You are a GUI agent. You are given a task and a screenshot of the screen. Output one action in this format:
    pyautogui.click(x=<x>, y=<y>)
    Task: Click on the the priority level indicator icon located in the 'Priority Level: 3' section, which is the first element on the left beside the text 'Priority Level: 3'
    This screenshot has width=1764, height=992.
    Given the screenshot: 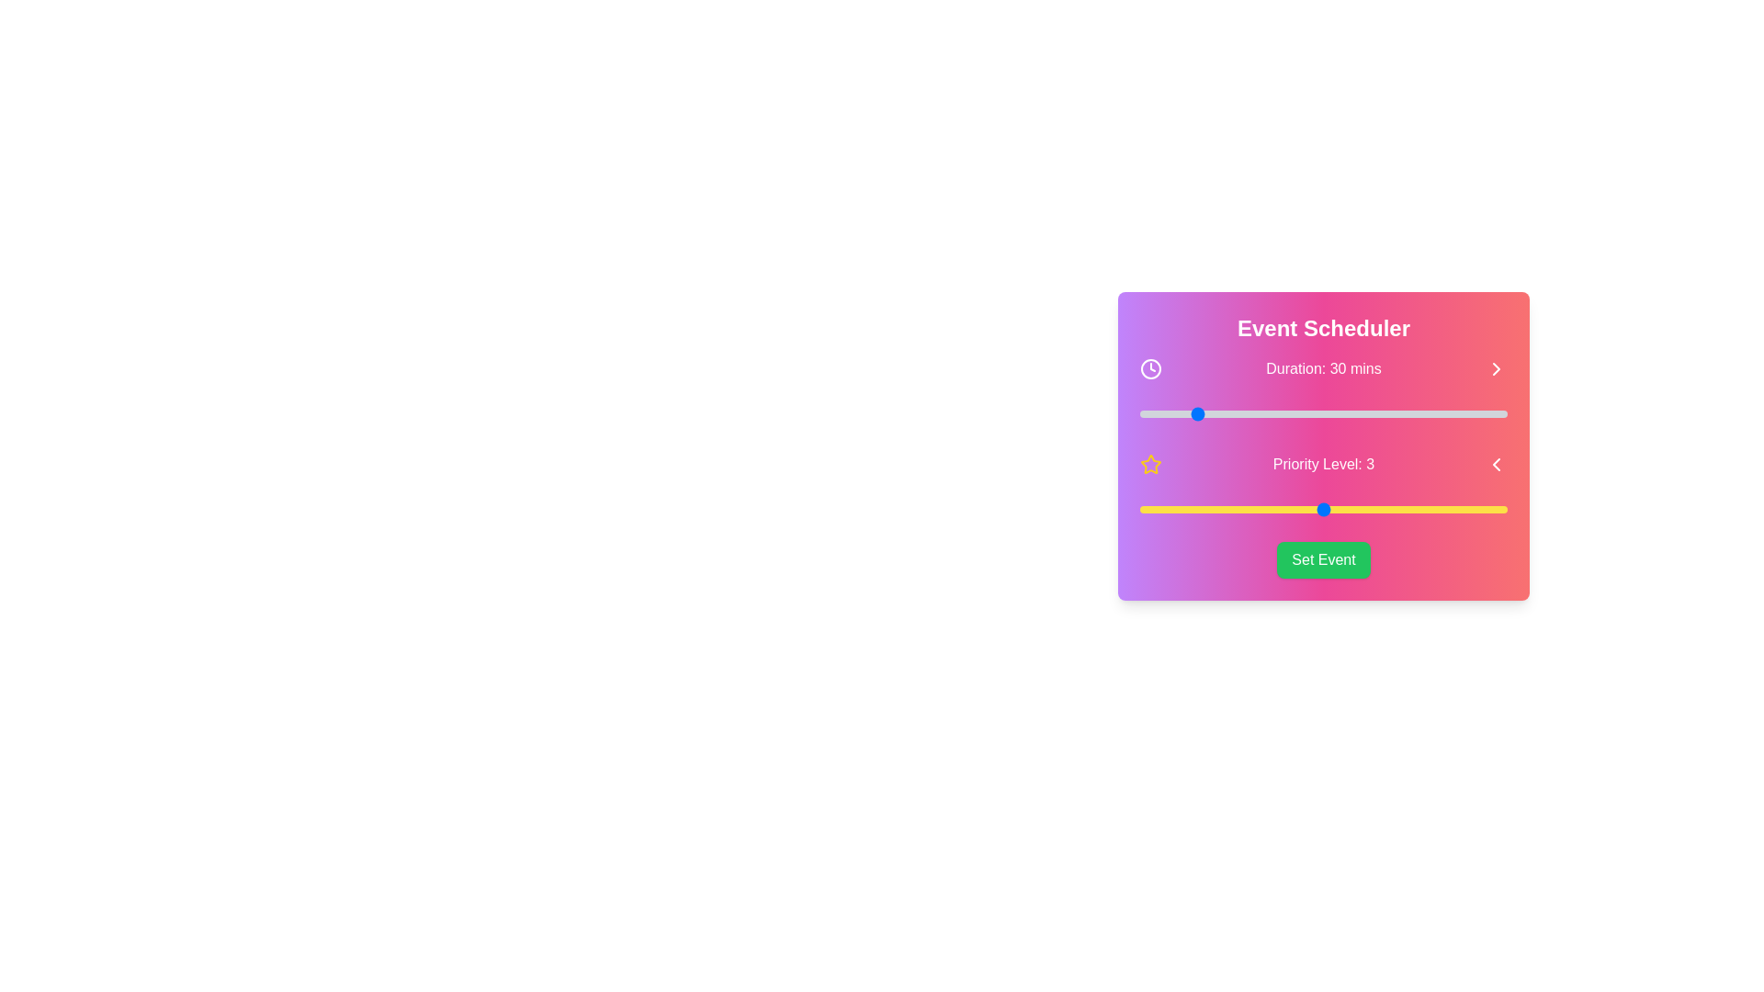 What is the action you would take?
    pyautogui.click(x=1149, y=463)
    